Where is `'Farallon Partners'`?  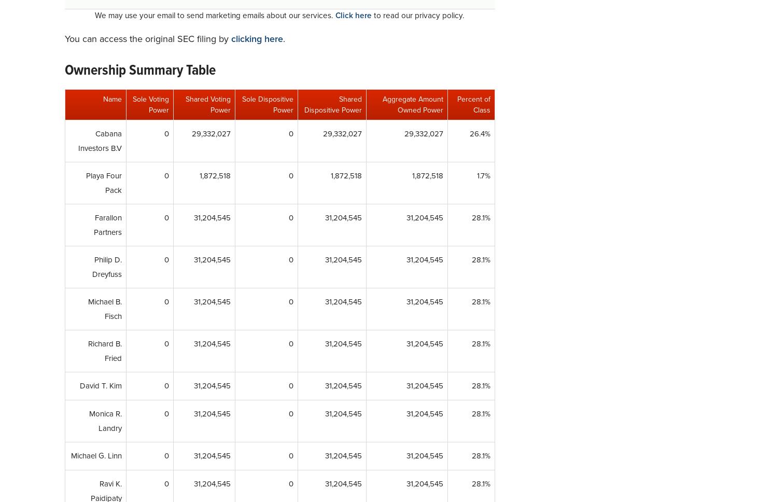 'Farallon Partners' is located at coordinates (107, 225).